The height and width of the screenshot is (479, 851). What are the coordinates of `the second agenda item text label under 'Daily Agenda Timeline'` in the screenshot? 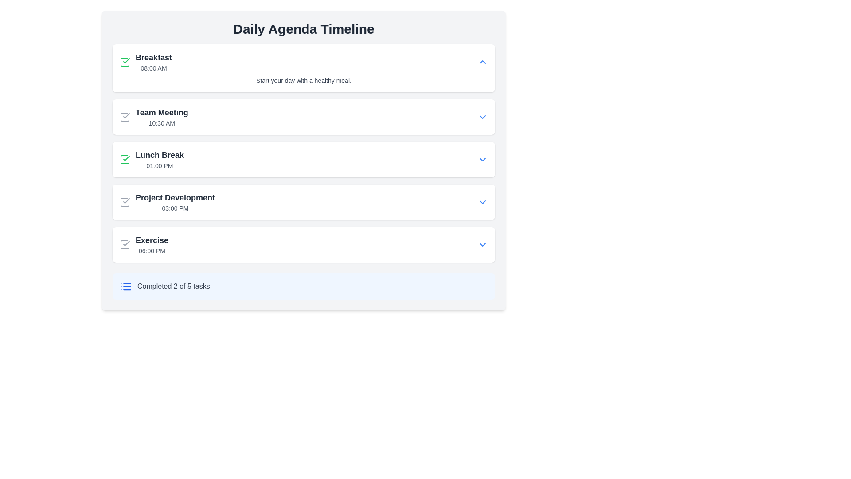 It's located at (162, 116).